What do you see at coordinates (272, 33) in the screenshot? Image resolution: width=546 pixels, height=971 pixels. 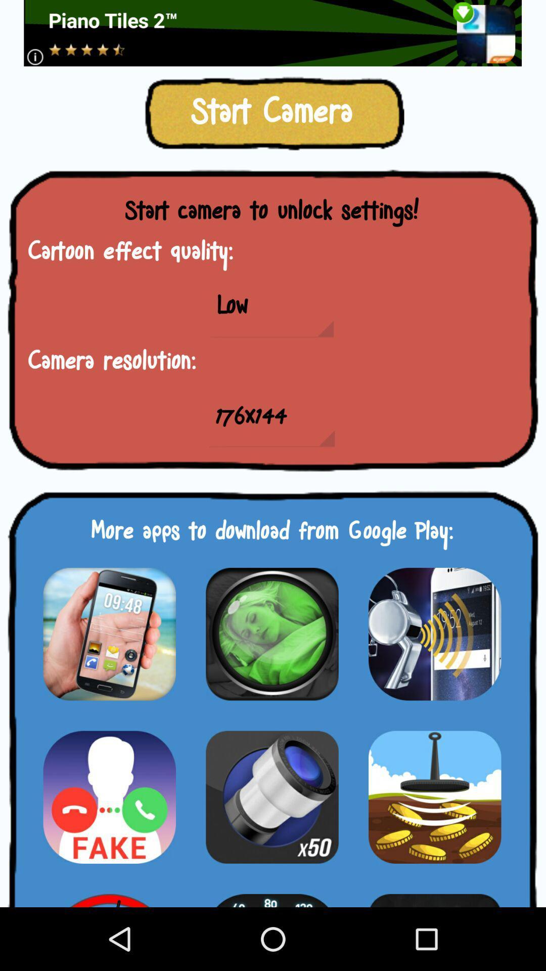 I see `advertisement option` at bounding box center [272, 33].